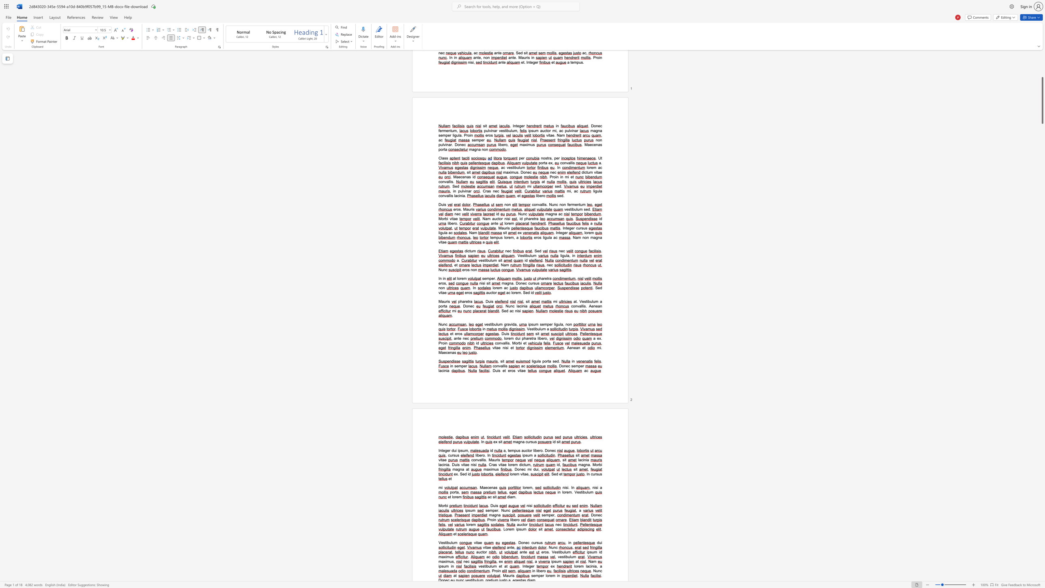  What do you see at coordinates (521, 442) in the screenshot?
I see `the 1th character "n" in the text` at bounding box center [521, 442].